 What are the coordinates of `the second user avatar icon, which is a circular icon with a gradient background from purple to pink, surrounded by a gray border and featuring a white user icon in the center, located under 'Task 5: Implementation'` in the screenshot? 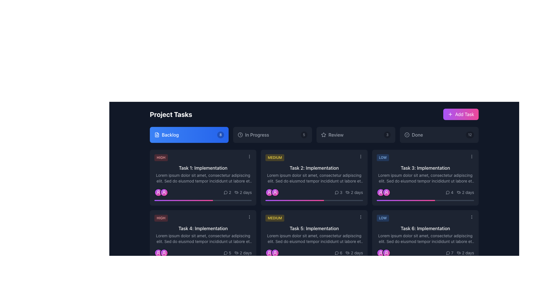 It's located at (275, 253).